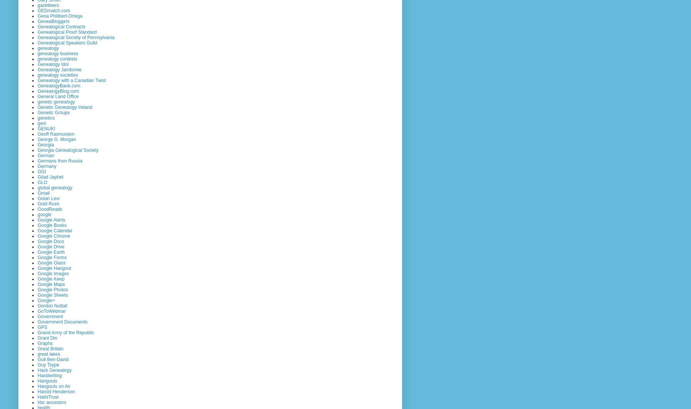  Describe the element at coordinates (53, 273) in the screenshot. I see `'Google Images'` at that location.